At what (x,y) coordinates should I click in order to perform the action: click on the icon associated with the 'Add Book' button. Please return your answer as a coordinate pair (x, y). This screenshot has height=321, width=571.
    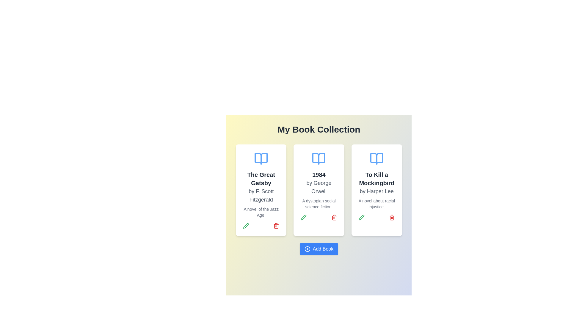
    Looking at the image, I should click on (307, 249).